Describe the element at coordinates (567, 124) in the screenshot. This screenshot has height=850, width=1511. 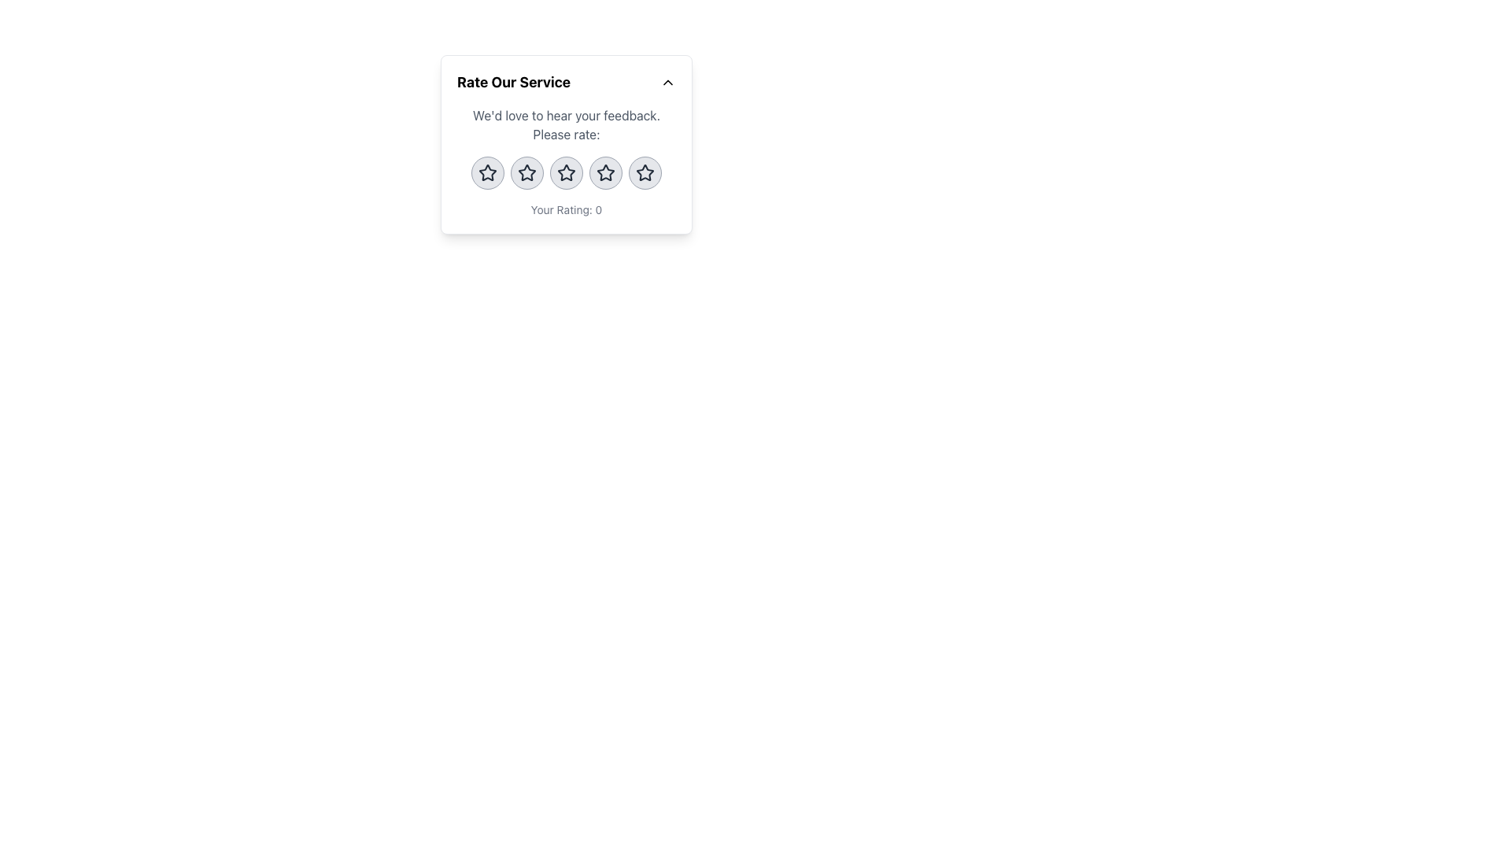
I see `text label that prompts for feedback, which says 'We'd love to hear your feedback. Please rate:'` at that location.